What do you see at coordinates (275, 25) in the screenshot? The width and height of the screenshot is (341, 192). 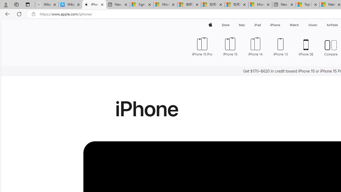 I see `'iPhone'` at bounding box center [275, 25].